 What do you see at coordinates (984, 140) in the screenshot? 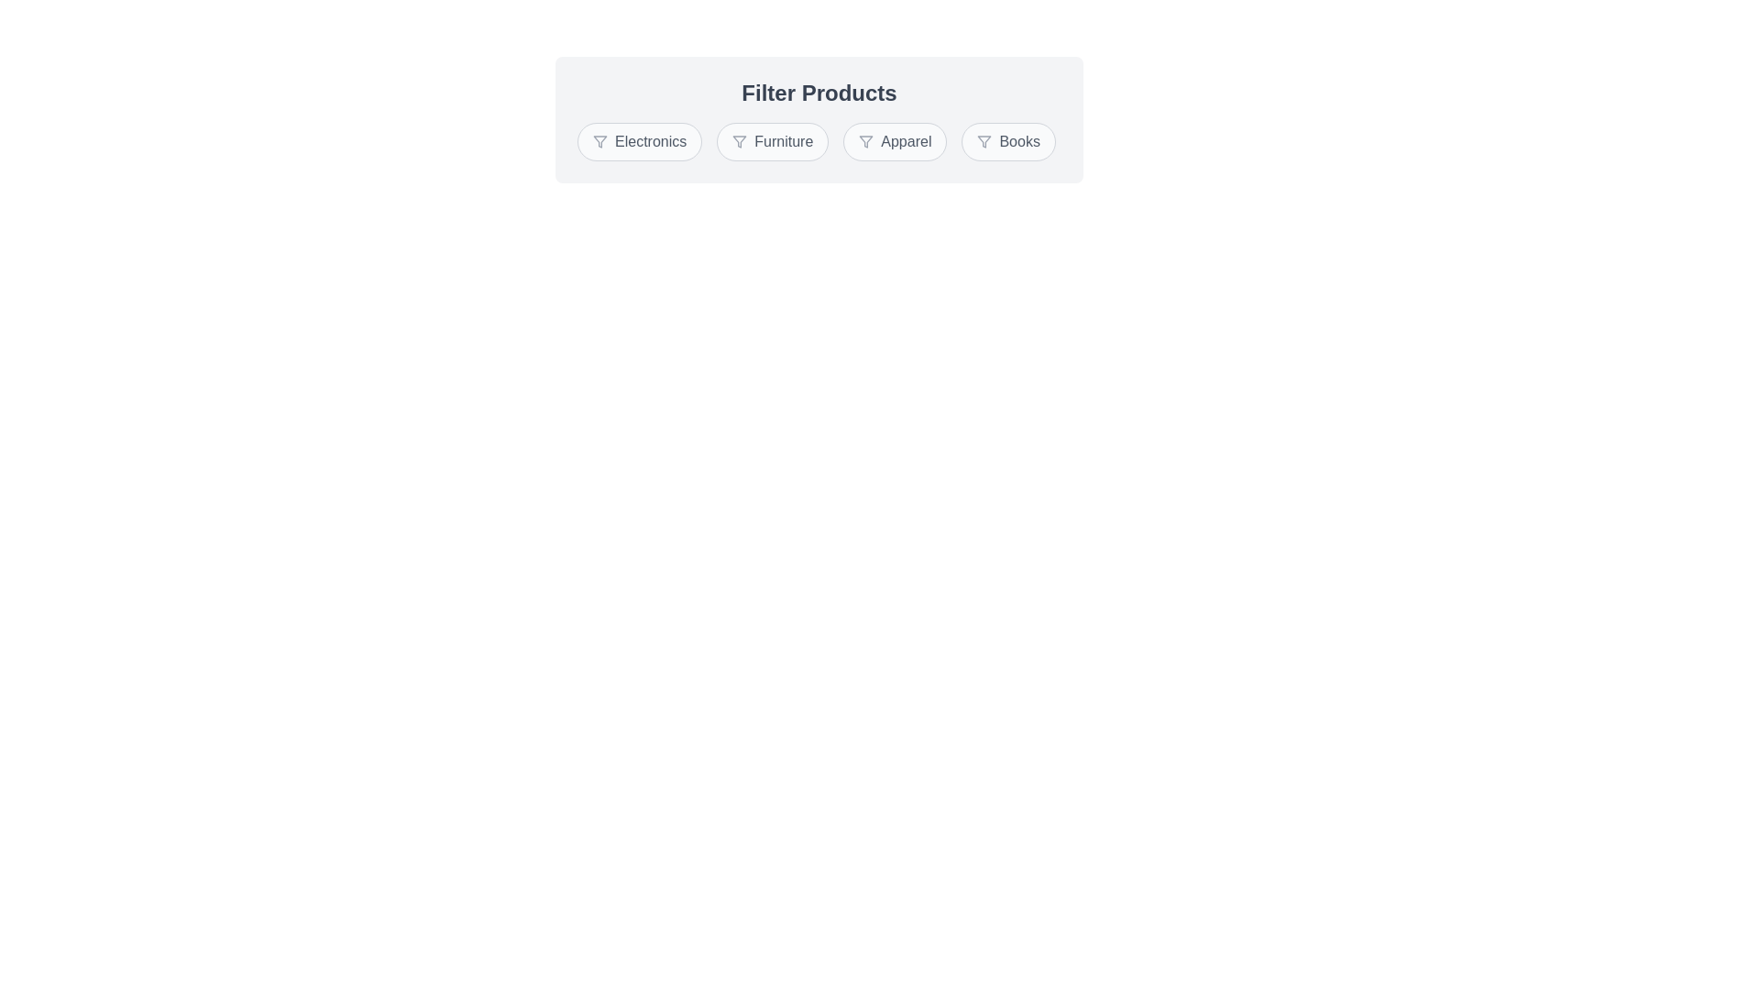
I see `the icon inside the chip labeled Books` at bounding box center [984, 140].